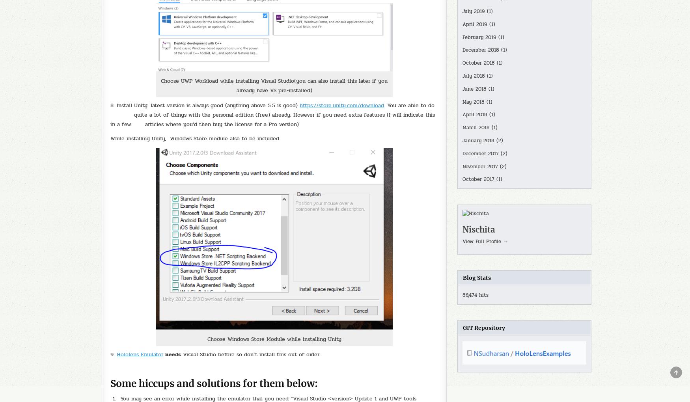  What do you see at coordinates (274, 85) in the screenshot?
I see `'Choose UWP Workload while installing Visual Studio(you can also install this later if you already have VS pre-installed)'` at bounding box center [274, 85].